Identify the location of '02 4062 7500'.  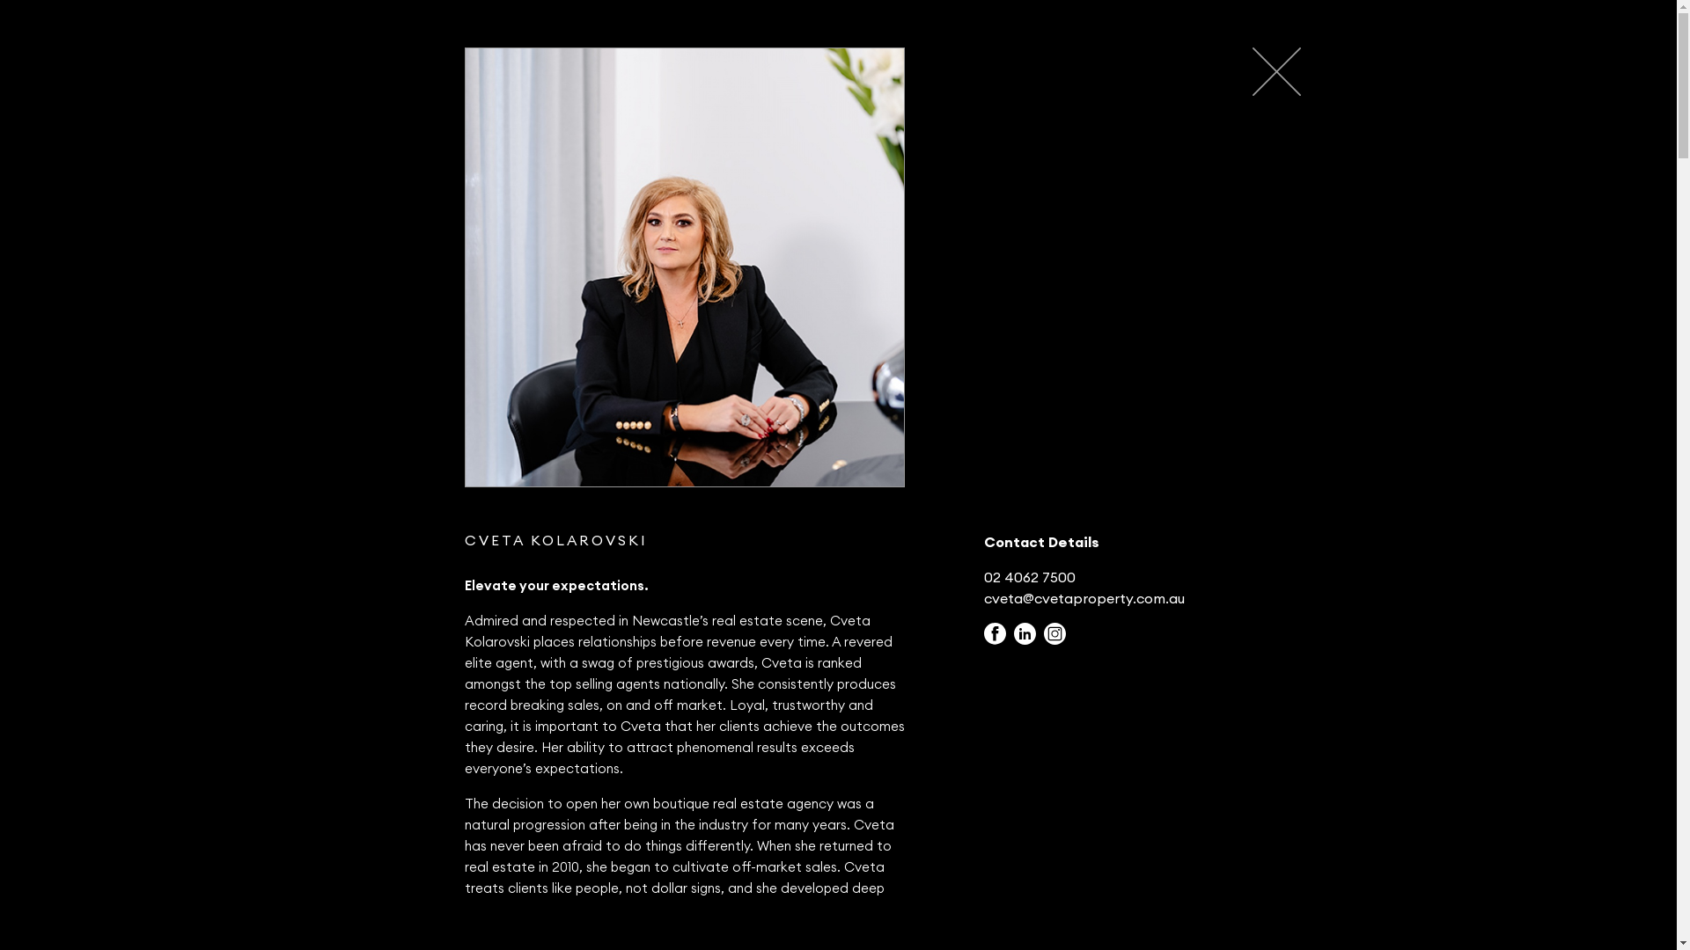
(983, 576).